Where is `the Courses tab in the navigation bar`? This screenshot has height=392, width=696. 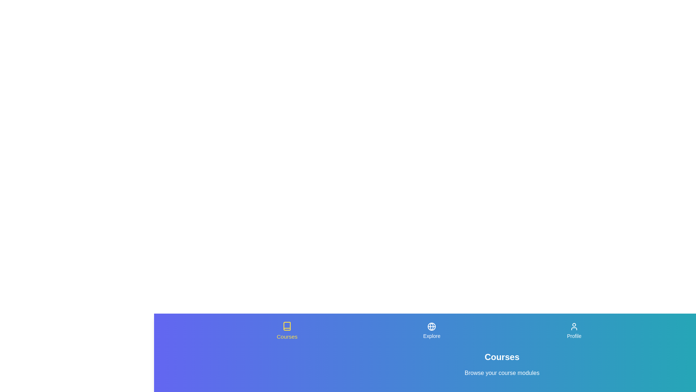 the Courses tab in the navigation bar is located at coordinates (287, 331).